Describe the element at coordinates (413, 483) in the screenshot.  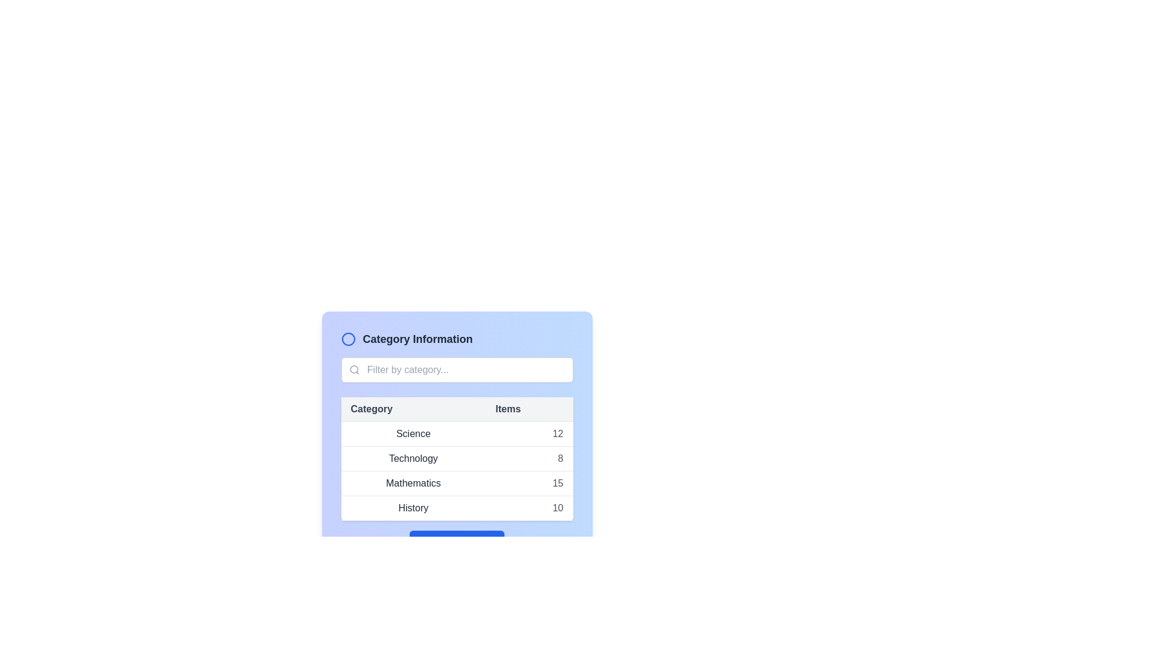
I see `the 'Mathematics' category label located in the first column of the third row of the category table, which is adjacent to the item count '15'` at that location.